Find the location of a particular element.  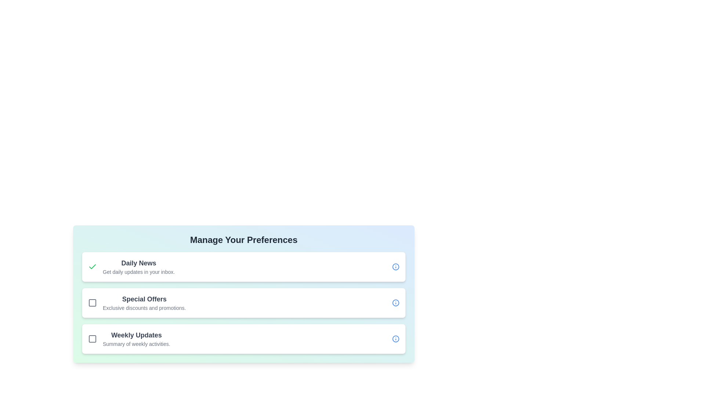

the checkbox for 'Special Offers' located in the second row under 'Manage Your Preferences' is located at coordinates (92, 303).